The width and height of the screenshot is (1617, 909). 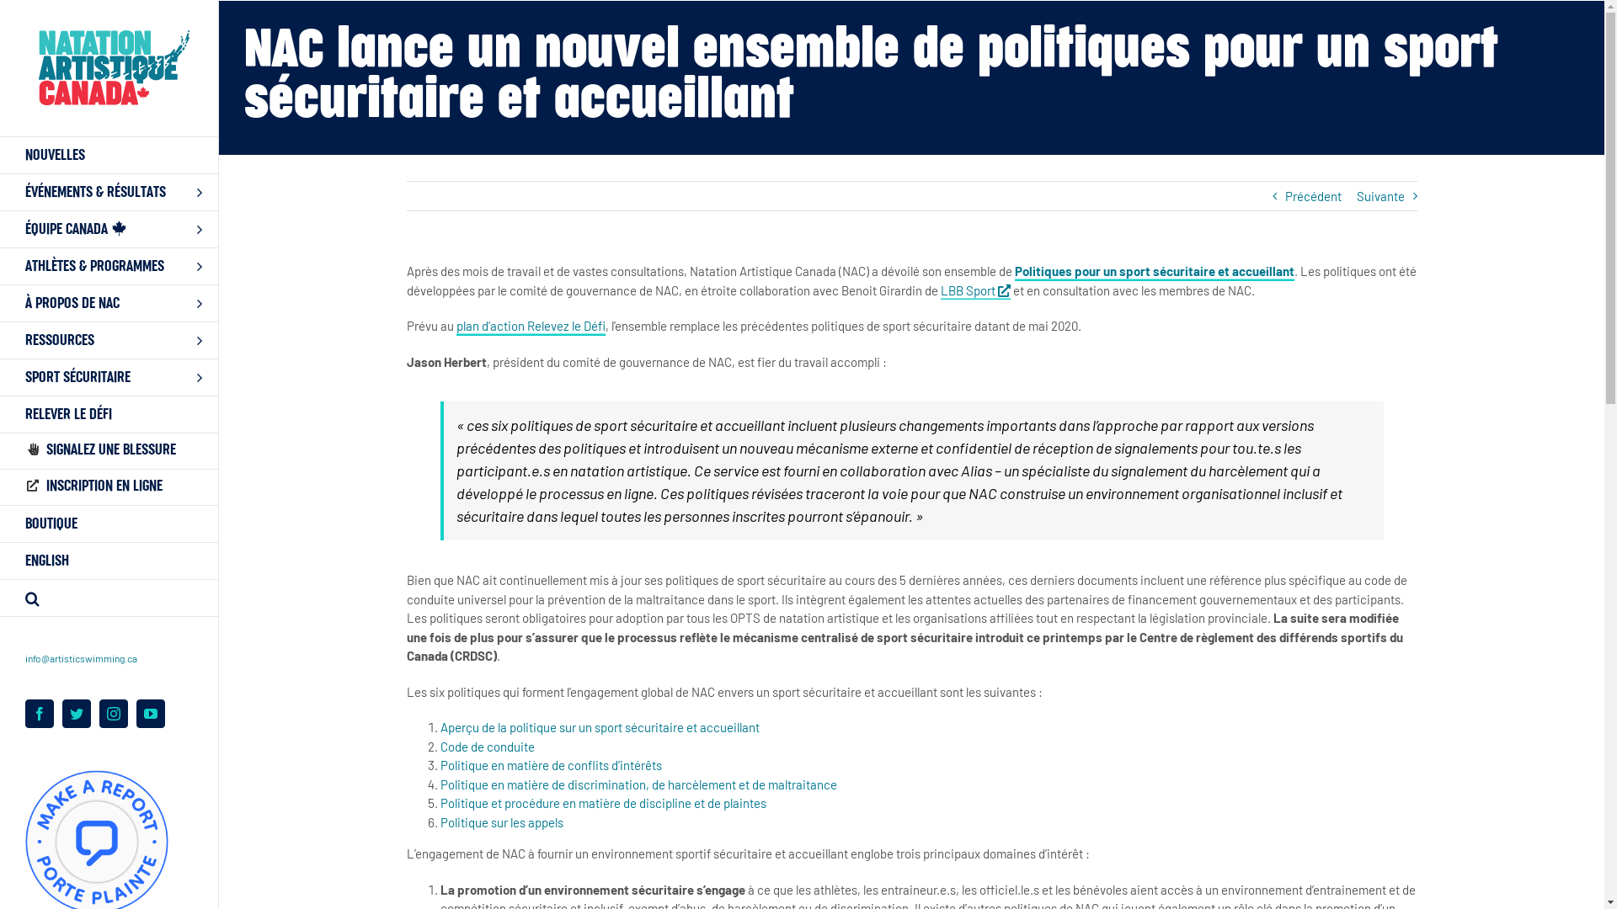 I want to click on 'LBB Sport', so click(x=974, y=290).